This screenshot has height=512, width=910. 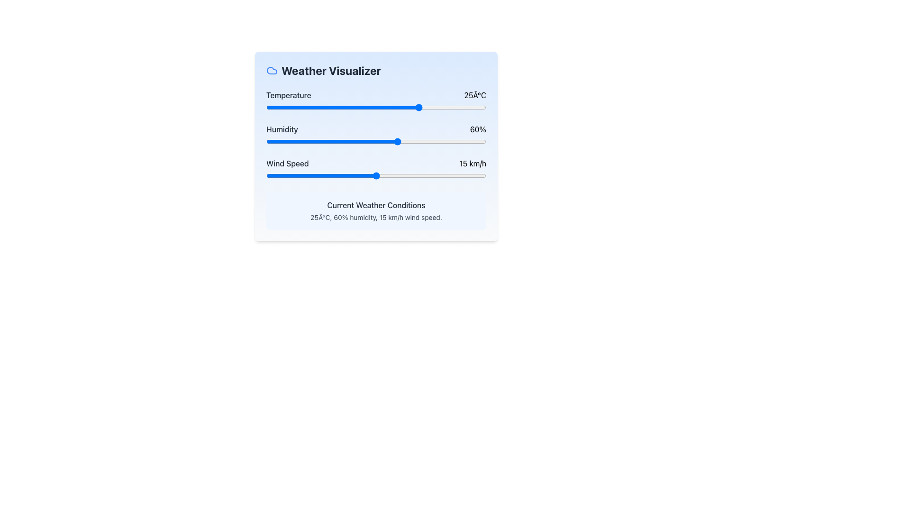 I want to click on the Header element with an icon that serves as the title of the weather data card, located at the top of the card above the 'Temperature' section, so click(x=375, y=70).